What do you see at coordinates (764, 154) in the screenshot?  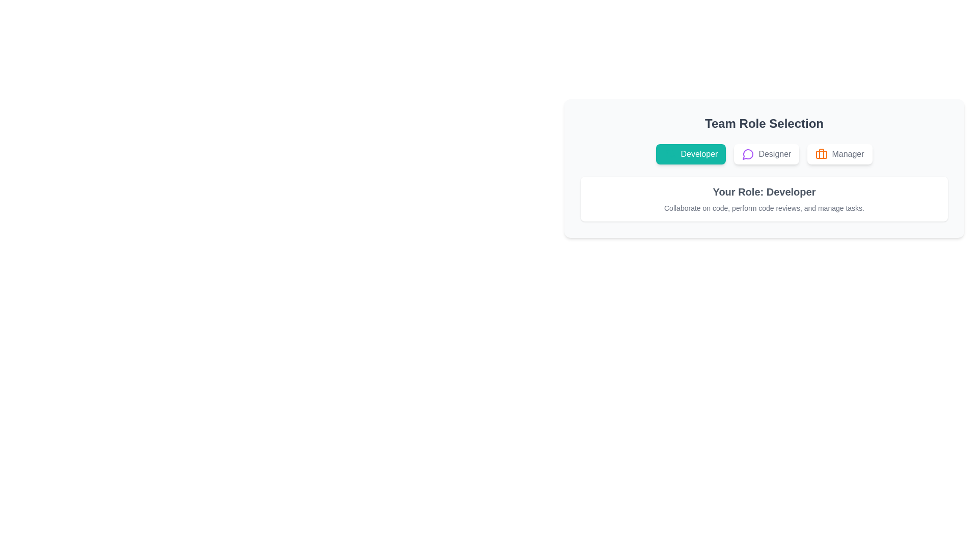 I see `the 'Designer' role selection button located in the 'Team Role Selection' modal` at bounding box center [764, 154].